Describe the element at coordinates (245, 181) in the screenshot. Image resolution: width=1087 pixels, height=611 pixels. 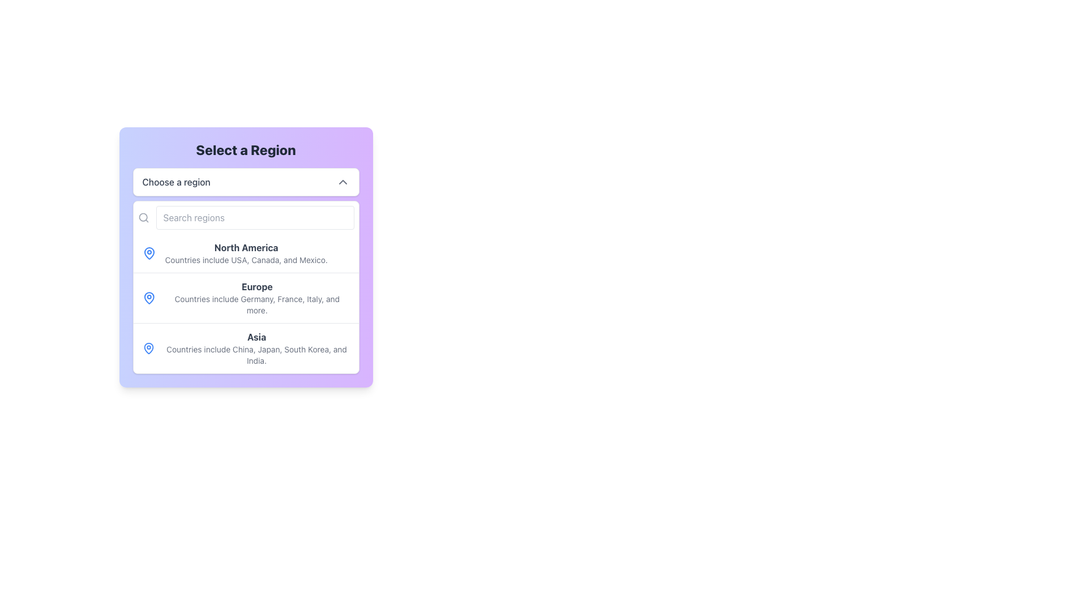
I see `the dropdown trigger element located below the title 'Select a Region'` at that location.